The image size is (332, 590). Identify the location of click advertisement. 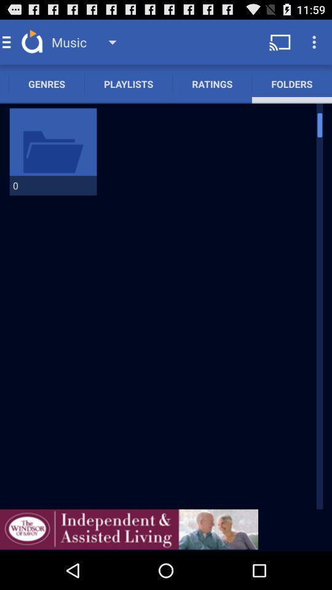
(128, 529).